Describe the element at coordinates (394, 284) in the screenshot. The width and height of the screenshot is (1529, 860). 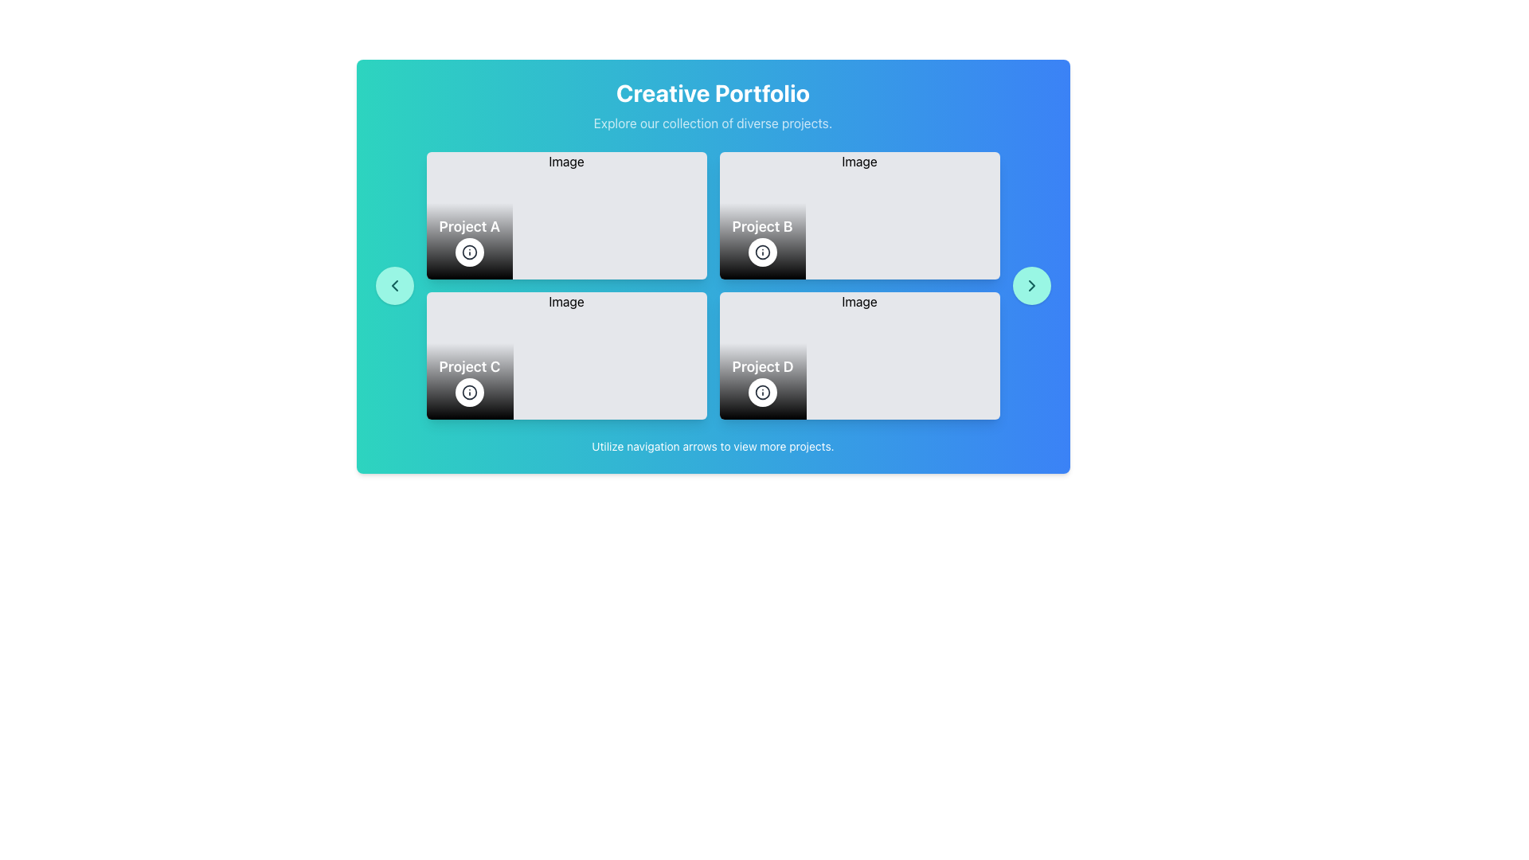
I see `the circular button with a muted teal background and a leftward-pointing chevron icon` at that location.